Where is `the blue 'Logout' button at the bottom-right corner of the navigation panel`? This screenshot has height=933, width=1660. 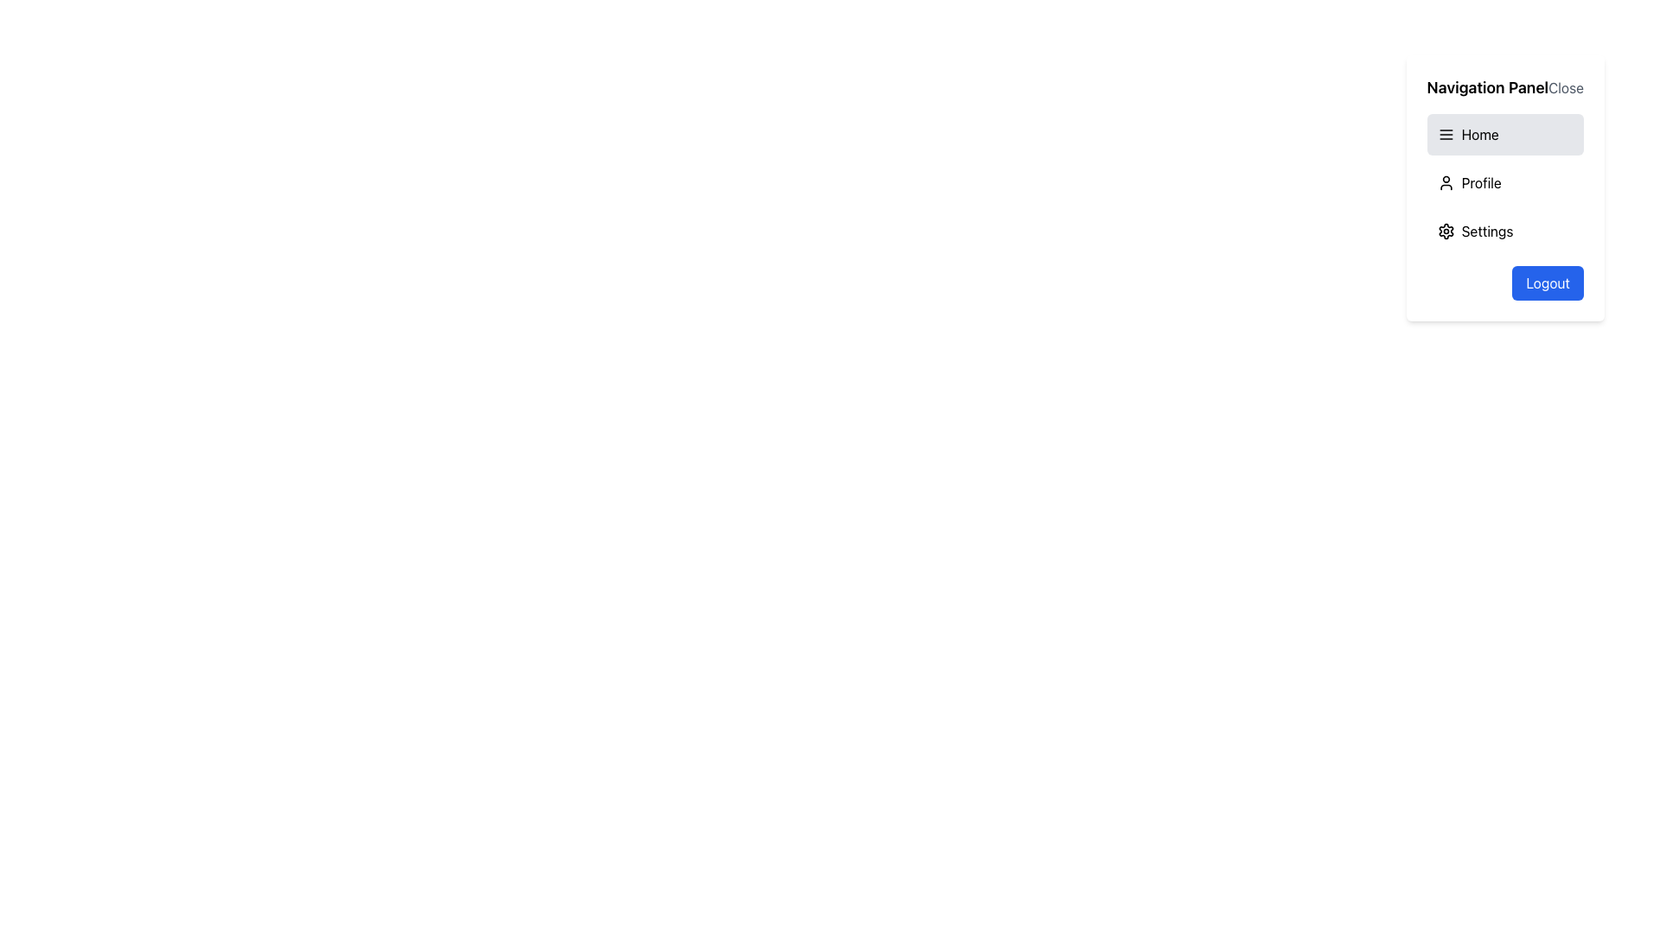 the blue 'Logout' button at the bottom-right corner of the navigation panel is located at coordinates (1504, 282).